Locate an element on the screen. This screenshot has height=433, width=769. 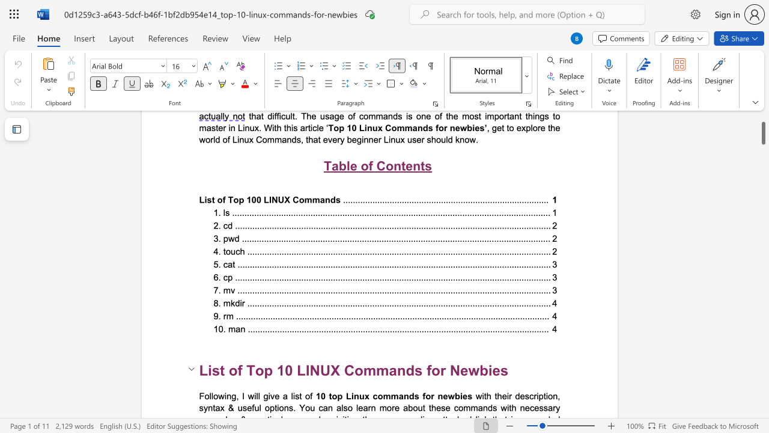
the space between the continuous character "t" and "o" in the text is located at coordinates (332, 396).